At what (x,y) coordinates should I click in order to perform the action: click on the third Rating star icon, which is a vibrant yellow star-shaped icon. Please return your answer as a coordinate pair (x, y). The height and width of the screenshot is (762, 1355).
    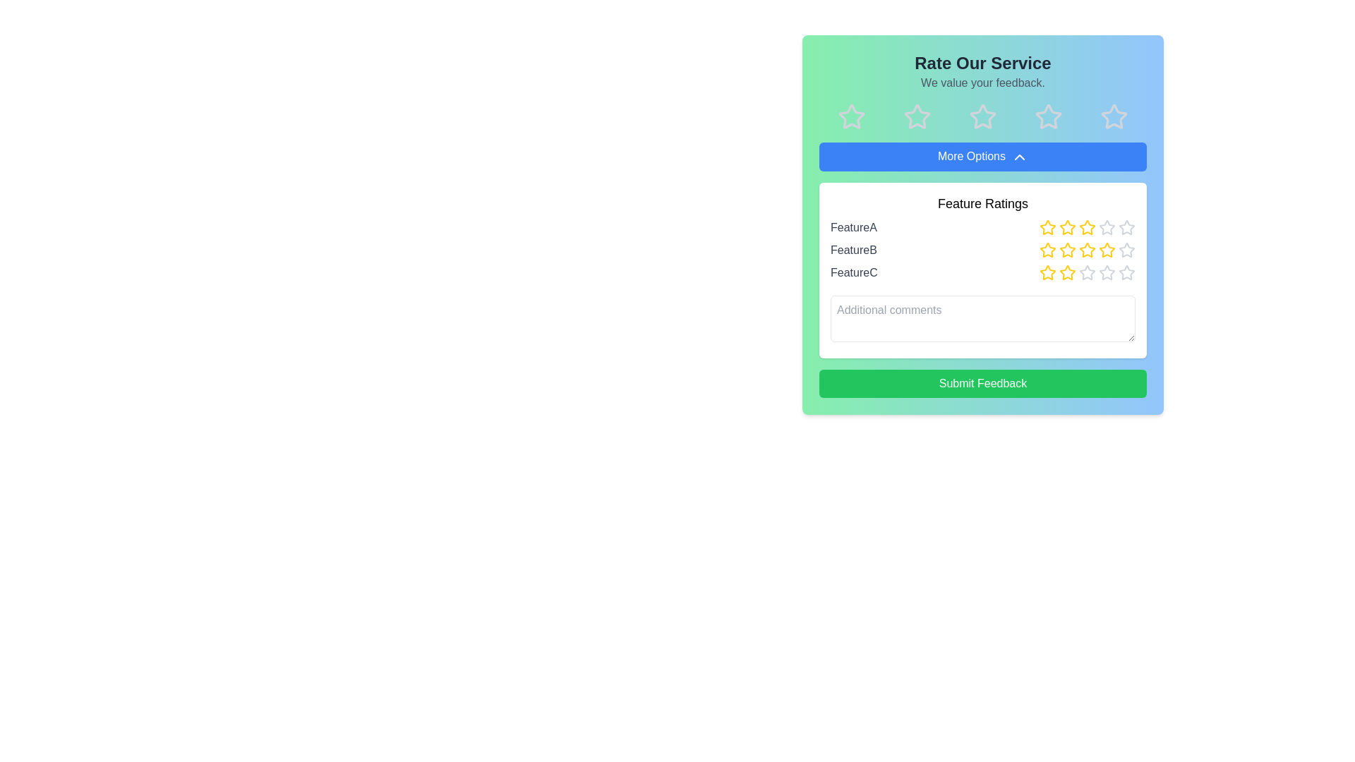
    Looking at the image, I should click on (1067, 272).